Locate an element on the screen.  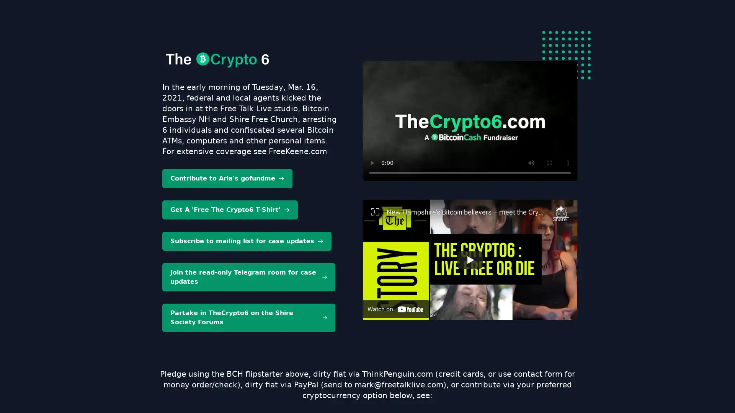
enter full screen is located at coordinates (549, 162).